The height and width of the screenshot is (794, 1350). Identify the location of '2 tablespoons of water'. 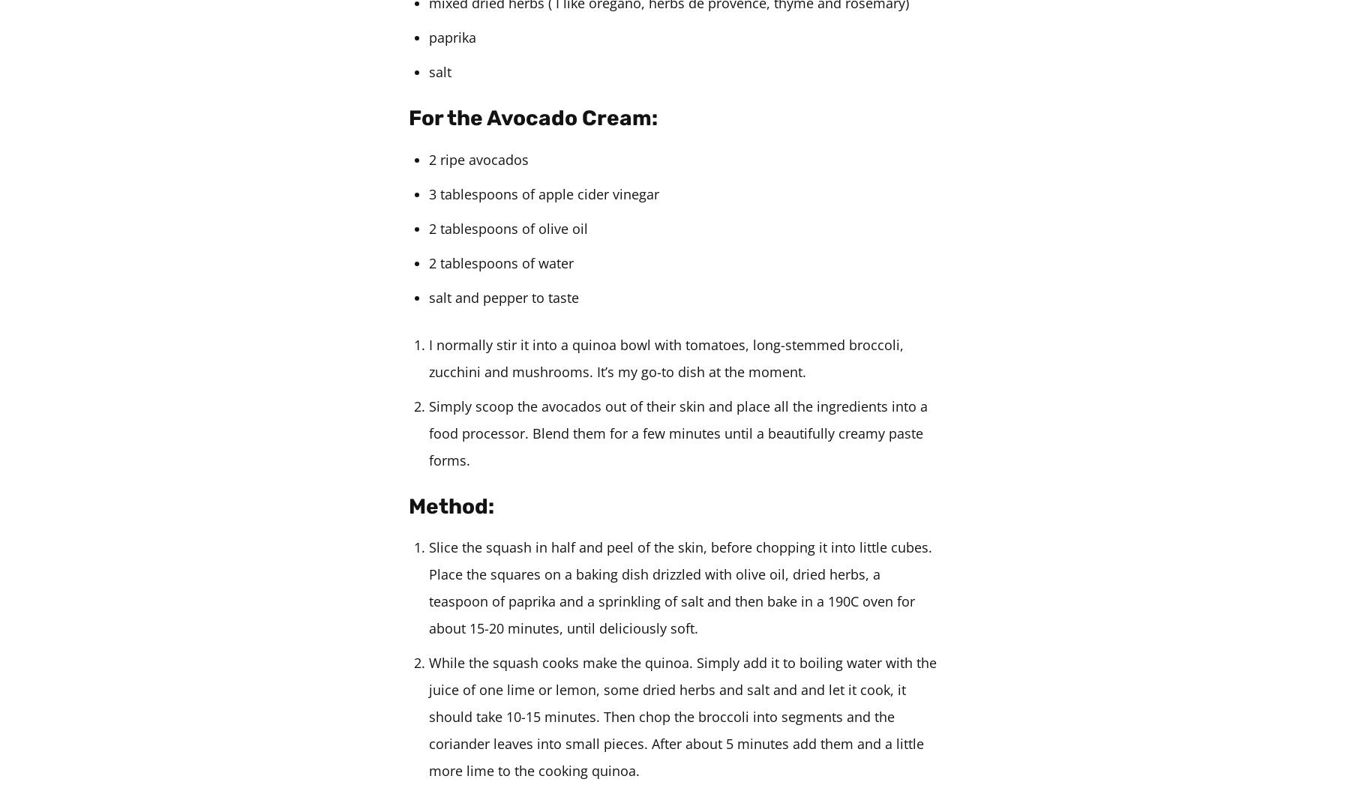
(501, 261).